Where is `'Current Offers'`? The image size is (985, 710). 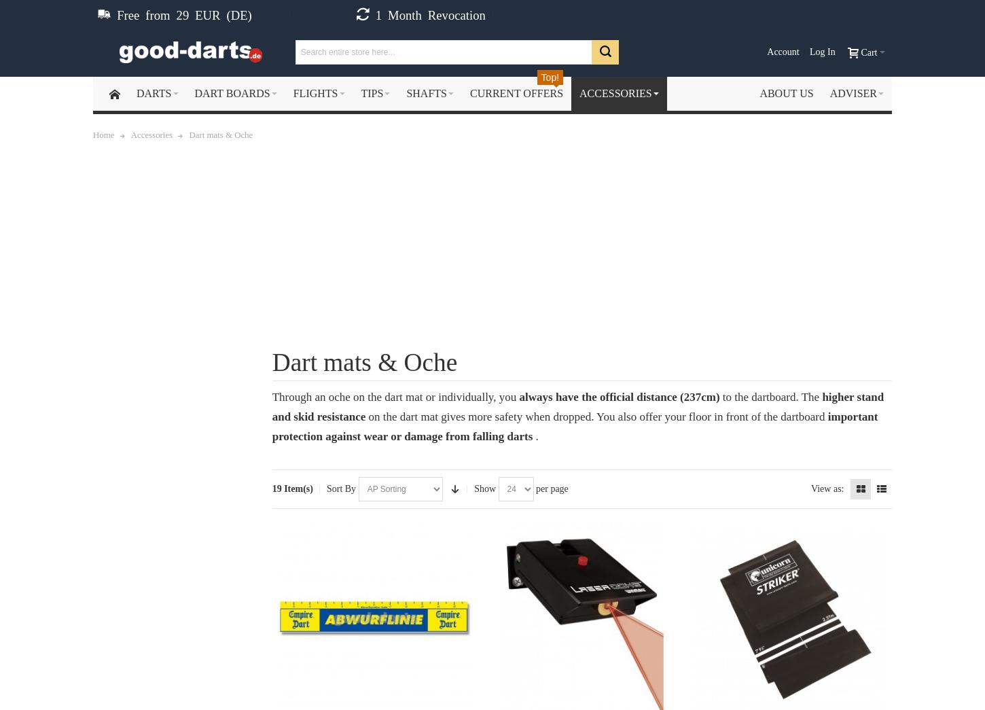 'Current Offers' is located at coordinates (516, 92).